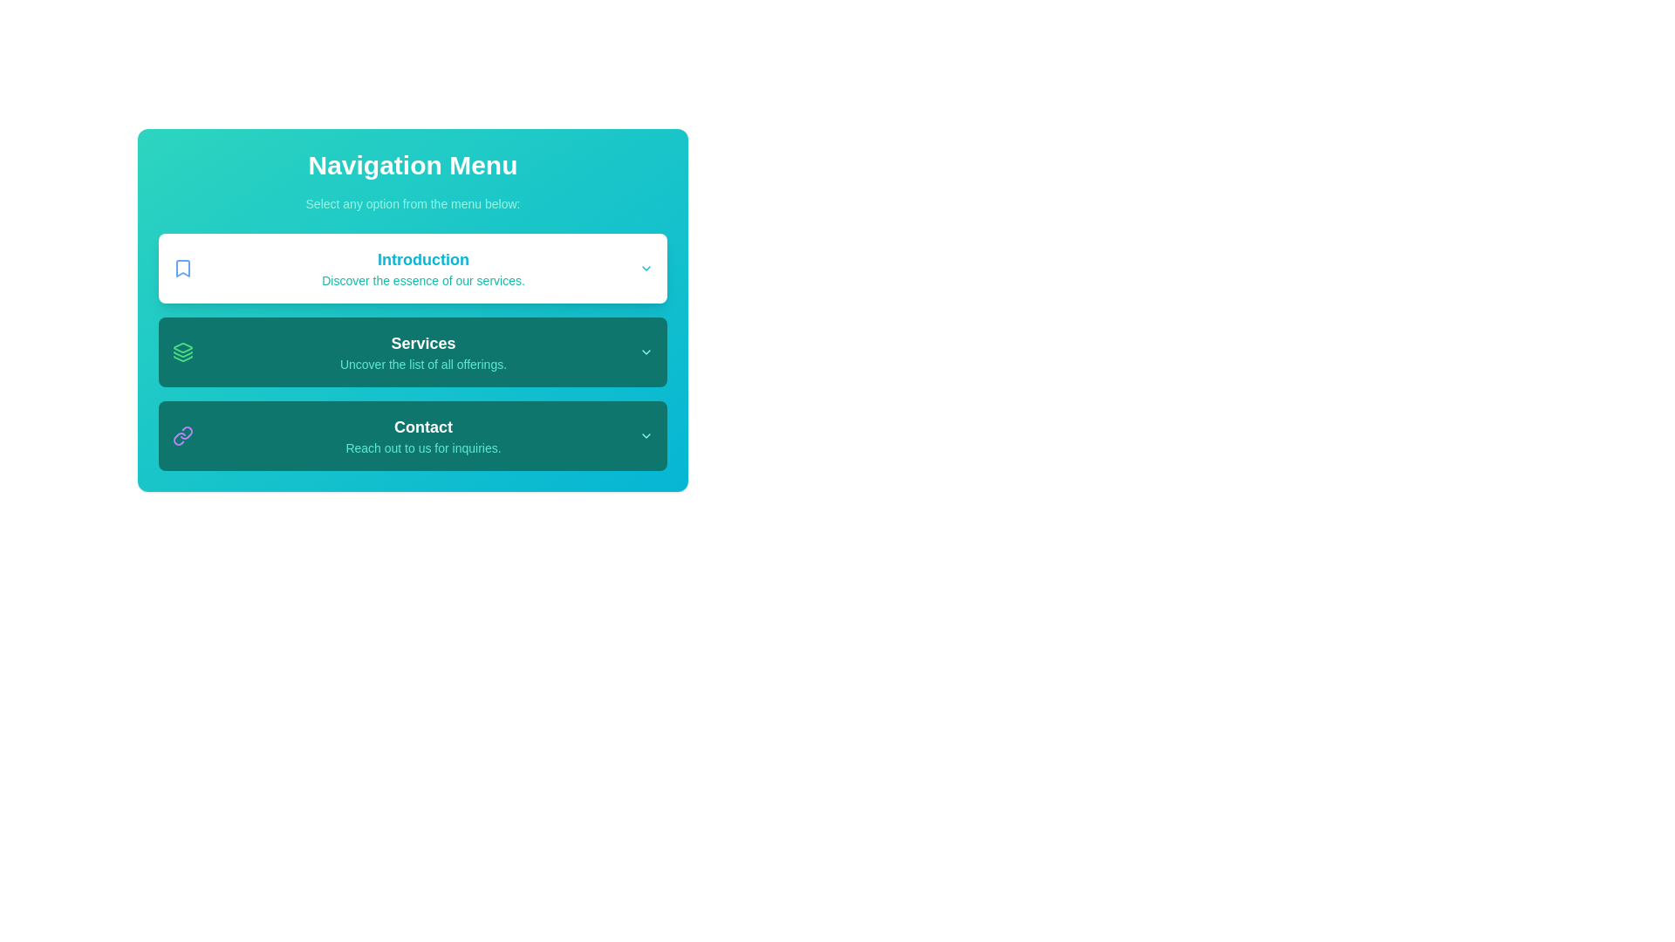 This screenshot has width=1675, height=942. What do you see at coordinates (423, 435) in the screenshot?
I see `descriptive subtitle 'Reach out to us for inquiries.' of the 'Contact' text element located in the teal box of the navigation menu` at bounding box center [423, 435].